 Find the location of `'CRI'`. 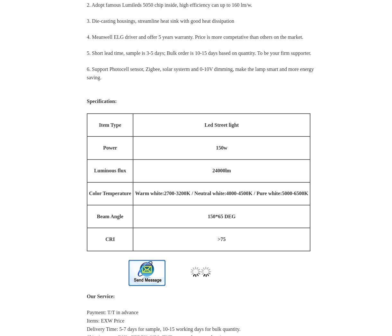

'CRI' is located at coordinates (110, 239).